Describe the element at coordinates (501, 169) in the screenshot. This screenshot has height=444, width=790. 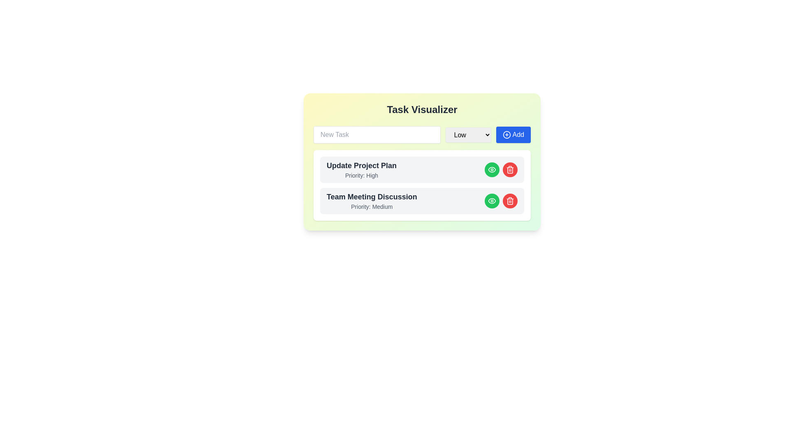
I see `the green button (eye icon) in the action buttons group located at the rightmost side of the task row labeled 'Update Project Plan - Priority: High'` at that location.